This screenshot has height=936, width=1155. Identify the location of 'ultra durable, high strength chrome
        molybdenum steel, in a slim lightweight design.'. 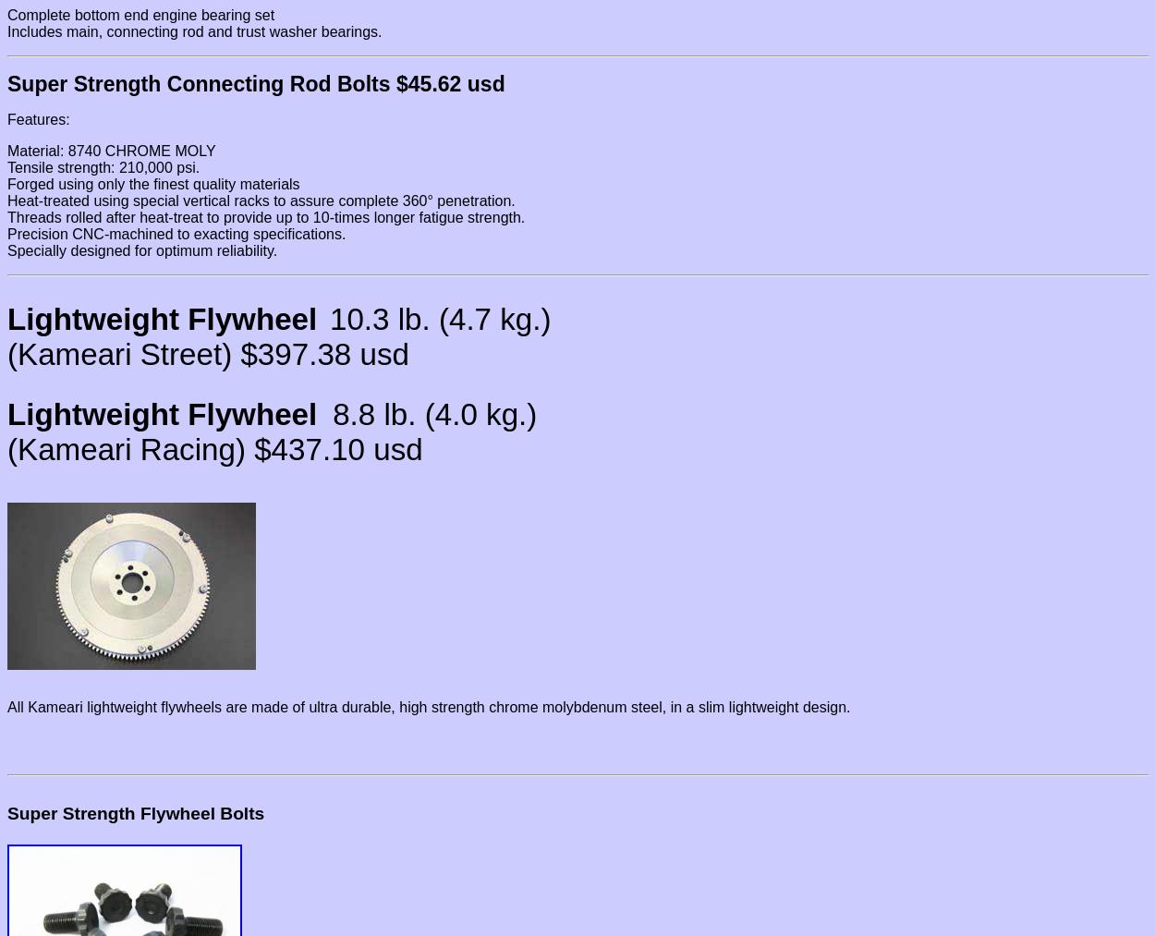
(579, 707).